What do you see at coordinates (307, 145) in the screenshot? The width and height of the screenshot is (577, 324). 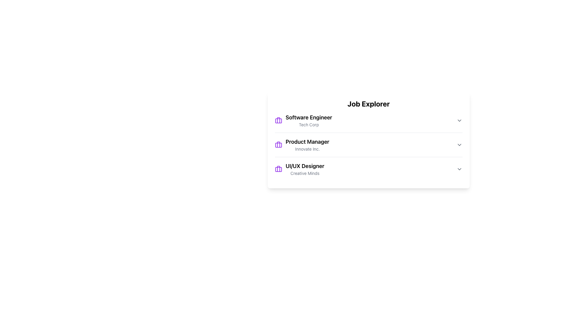 I see `the text display element that shows the job title 'Product Manager' and the organization 'Innovate Inc.', which is the second item in a vertical list of job positions` at bounding box center [307, 145].